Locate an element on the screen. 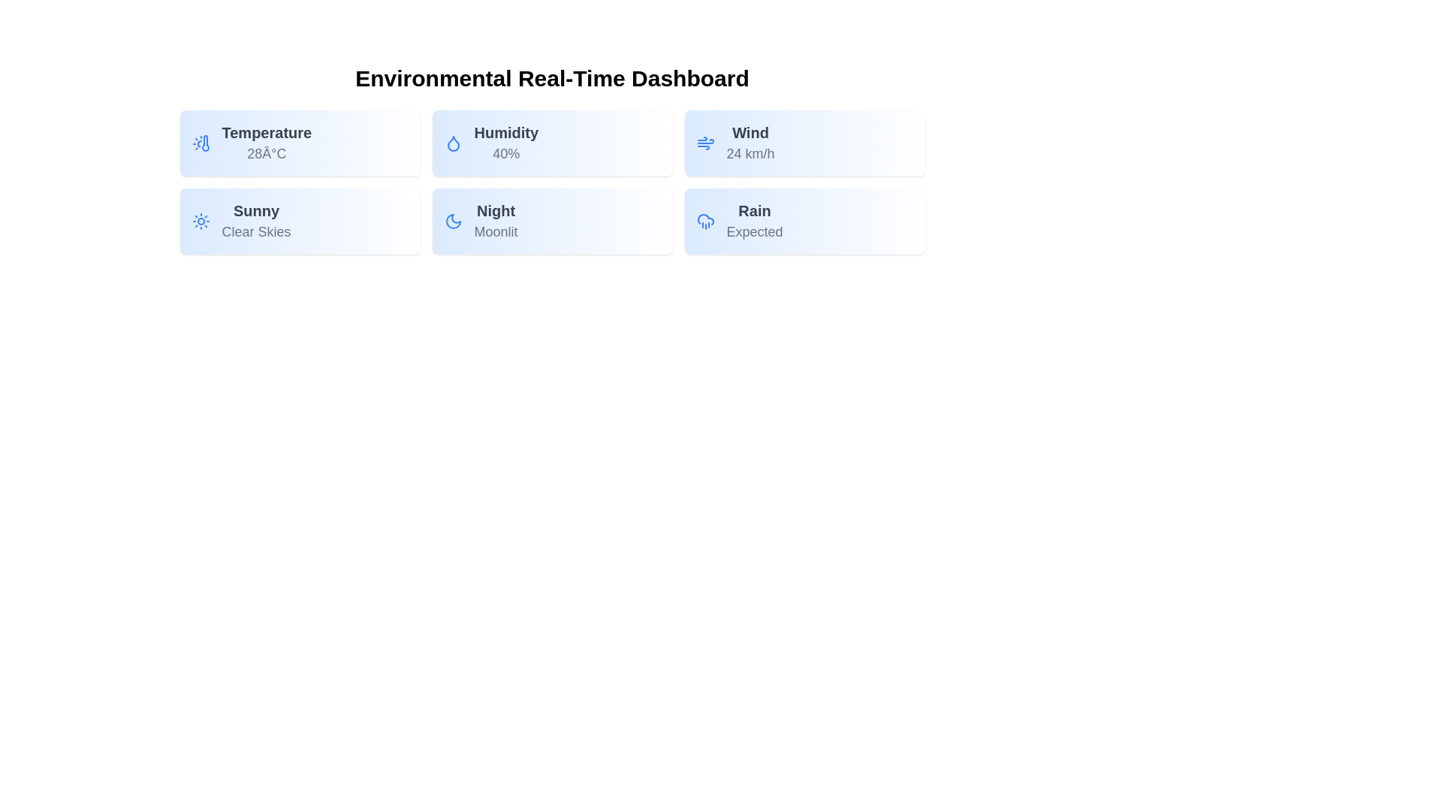  the 'Temperature' card is located at coordinates (300, 143).